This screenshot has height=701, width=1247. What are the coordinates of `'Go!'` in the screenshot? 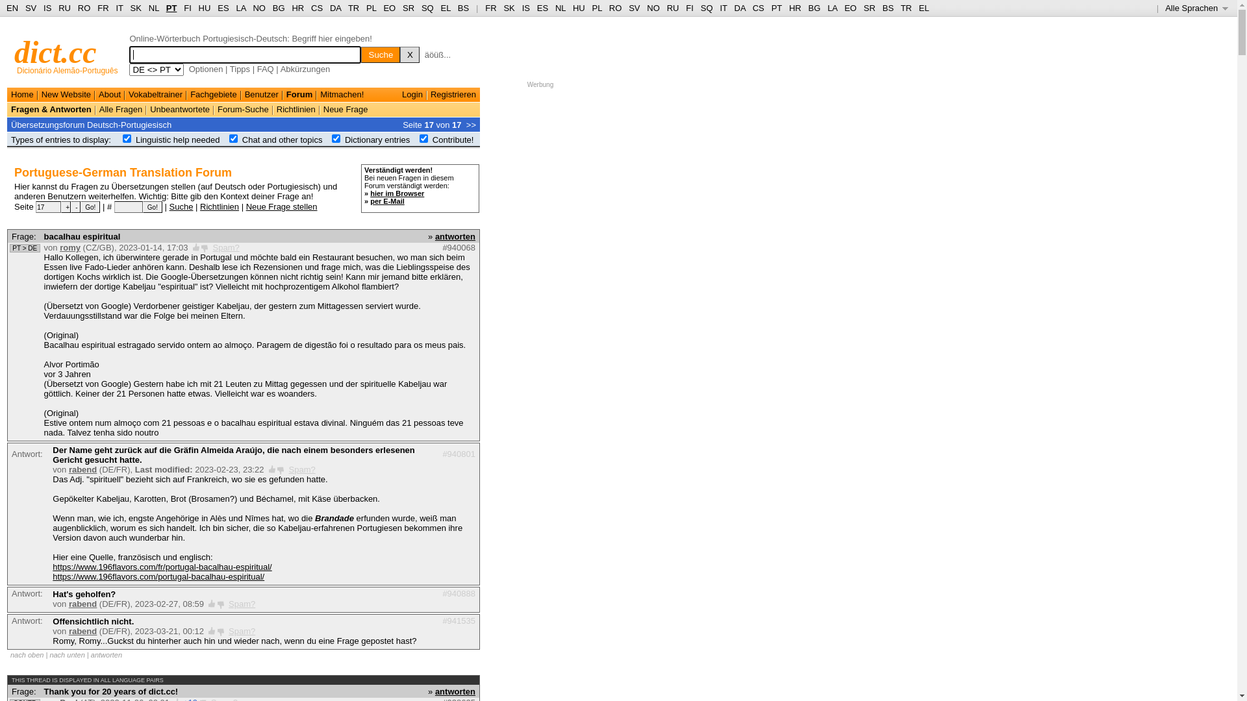 It's located at (143, 206).